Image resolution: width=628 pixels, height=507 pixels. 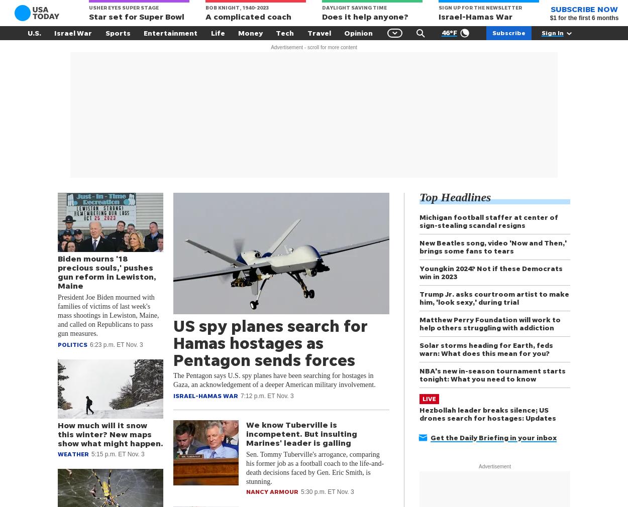 What do you see at coordinates (276, 32) in the screenshot?
I see `'Tech'` at bounding box center [276, 32].